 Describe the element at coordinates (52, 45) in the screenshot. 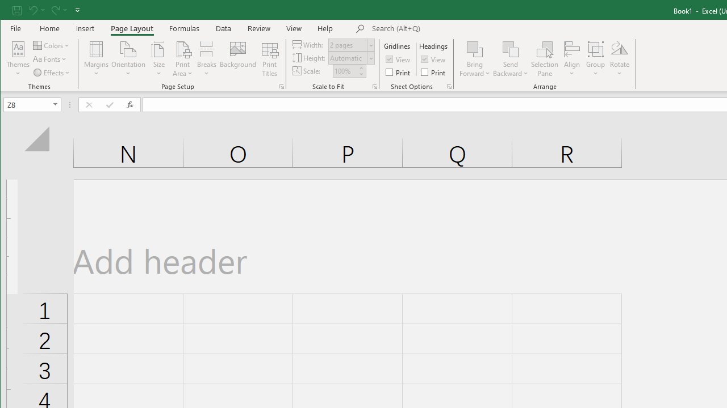

I see `'Colors'` at that location.